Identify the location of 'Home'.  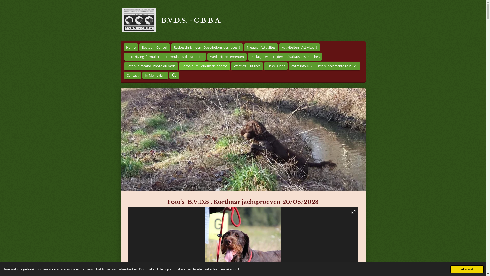
(131, 47).